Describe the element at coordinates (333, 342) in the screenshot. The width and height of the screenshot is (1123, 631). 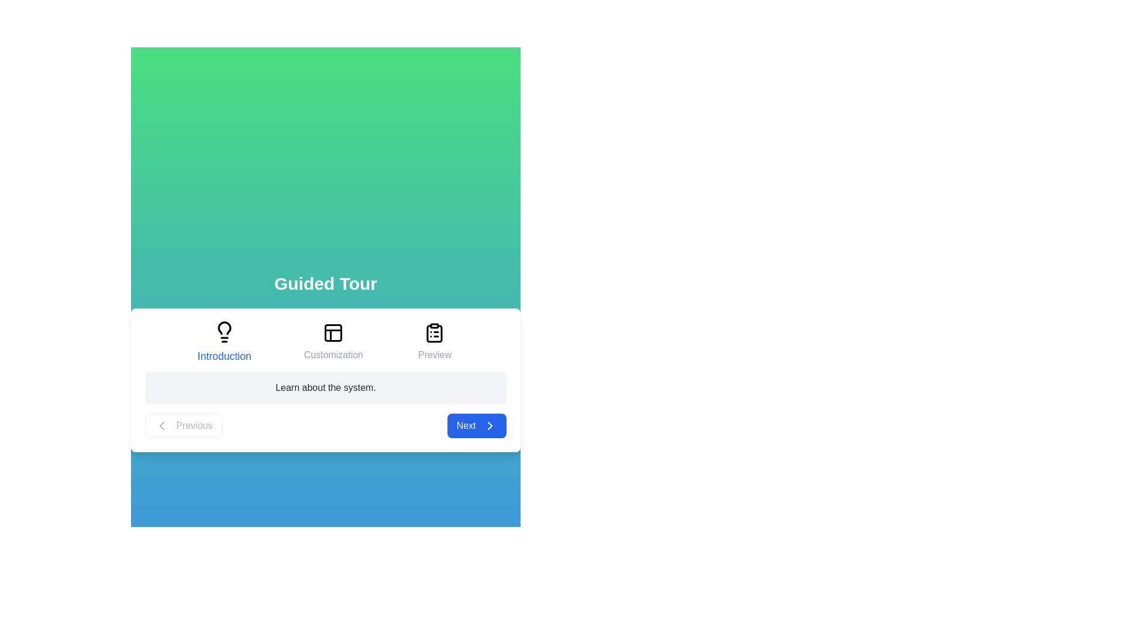
I see `the title or icon of the step Customization to navigate to it` at that location.